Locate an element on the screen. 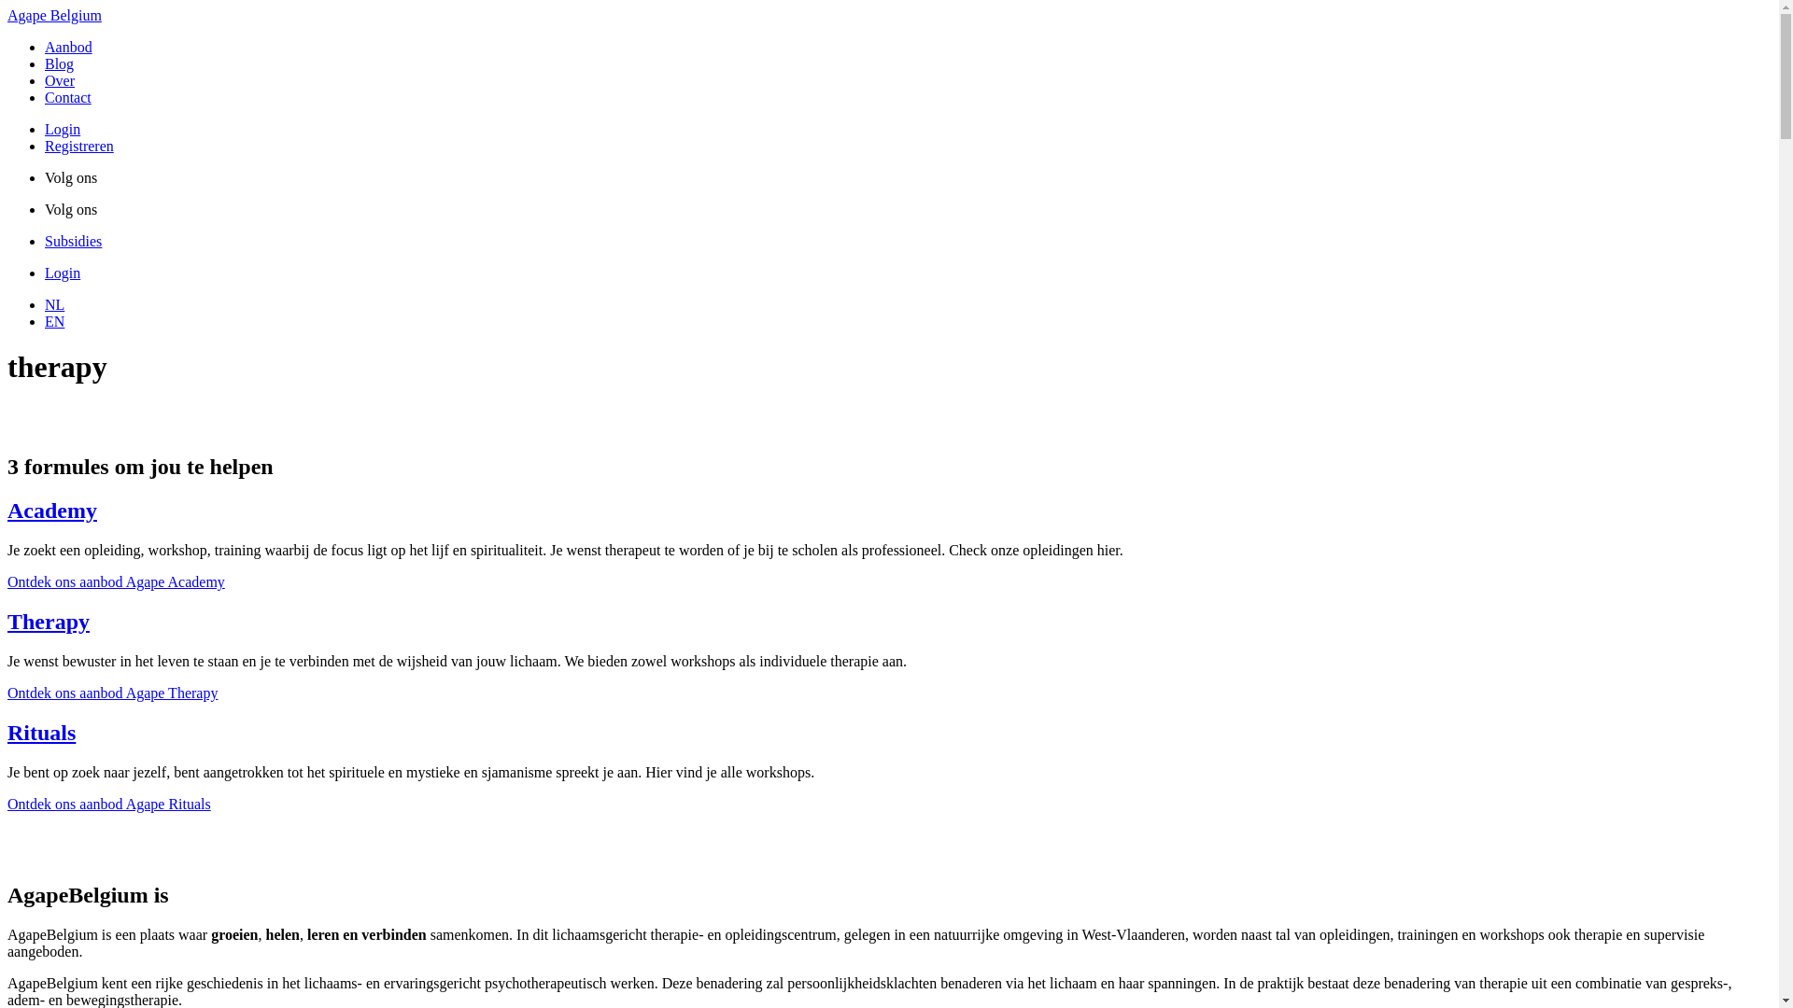 The width and height of the screenshot is (1793, 1008). 'EN' is located at coordinates (54, 320).